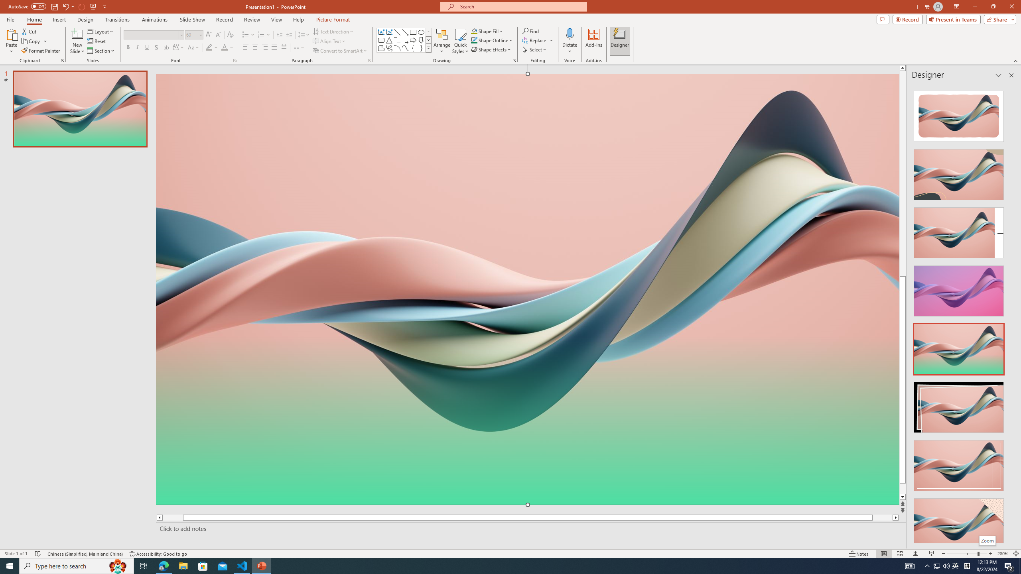 This screenshot has width=1021, height=574. Describe the element at coordinates (958, 113) in the screenshot. I see `'Recommended Design: Design Idea'` at that location.